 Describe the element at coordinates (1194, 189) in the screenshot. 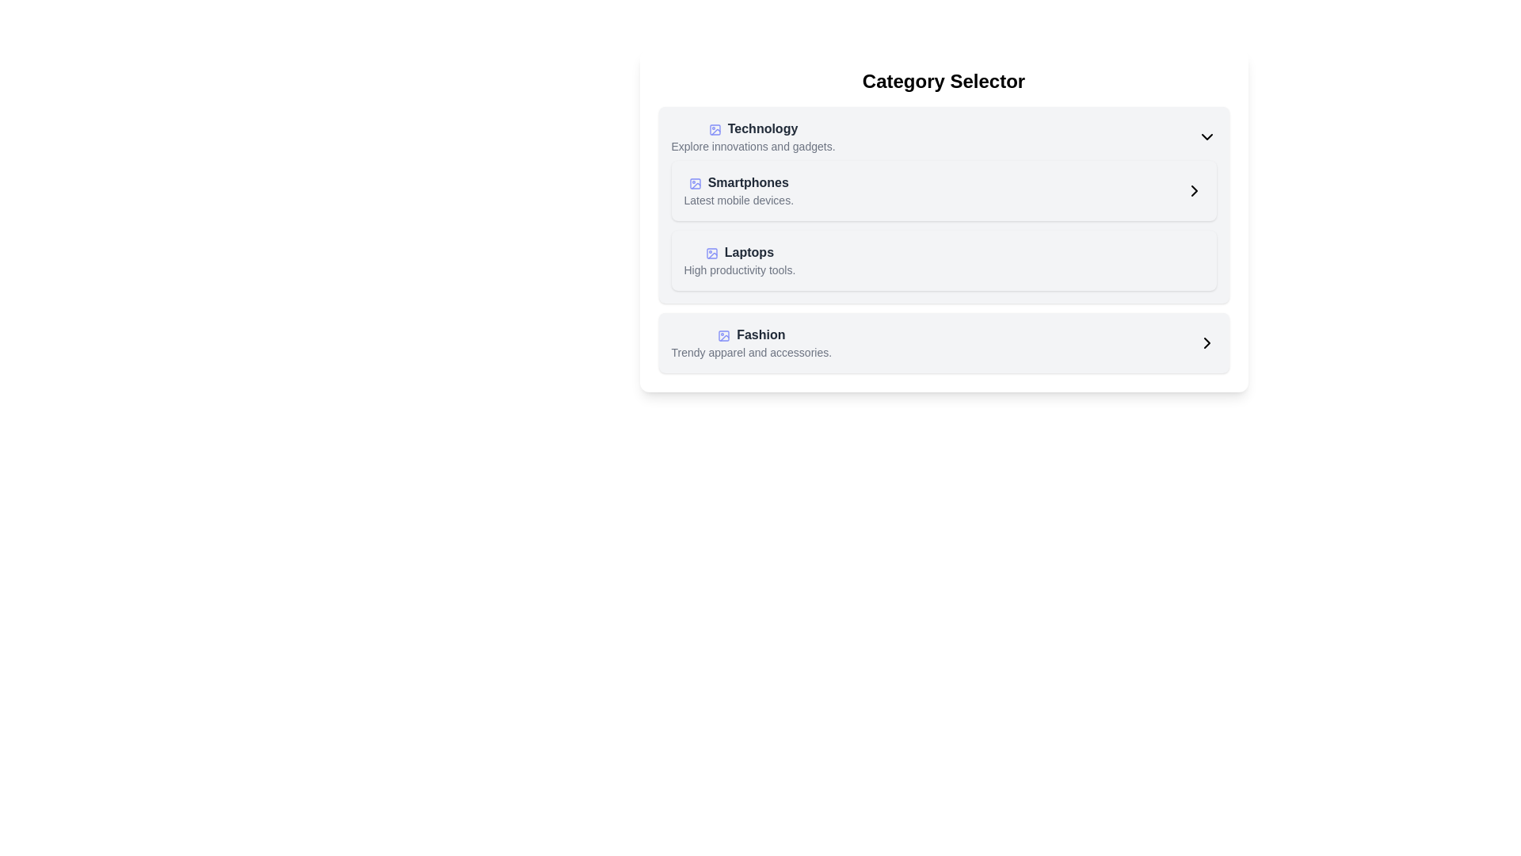

I see `the rightward-pointing arrow icon located in the top right corner of the 'Smartphones' section` at that location.